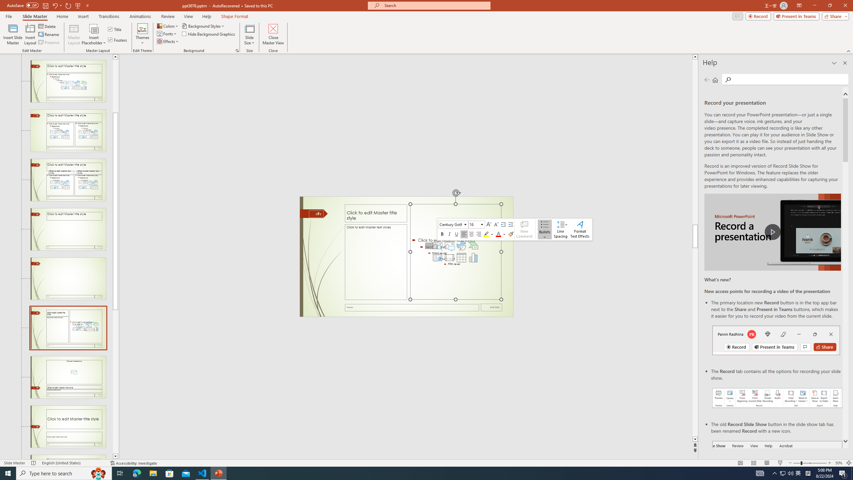 This screenshot has width=853, height=480. Describe the element at coordinates (74, 34) in the screenshot. I see `'Master Layout...'` at that location.